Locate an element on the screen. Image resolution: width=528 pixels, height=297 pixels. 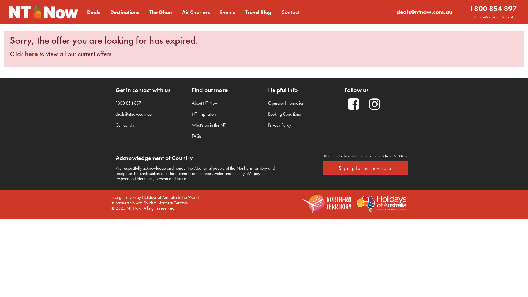
'1800 854 897' is located at coordinates (115, 103).